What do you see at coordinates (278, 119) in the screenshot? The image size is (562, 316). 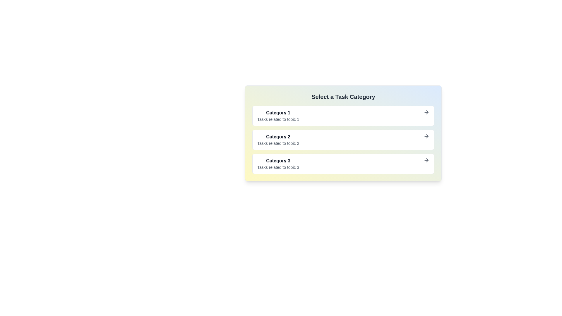 I see `the text label that displays 'Tasks related to topic 1', which is styled in a small gray font and located directly below the bold heading 'Category 1'` at bounding box center [278, 119].